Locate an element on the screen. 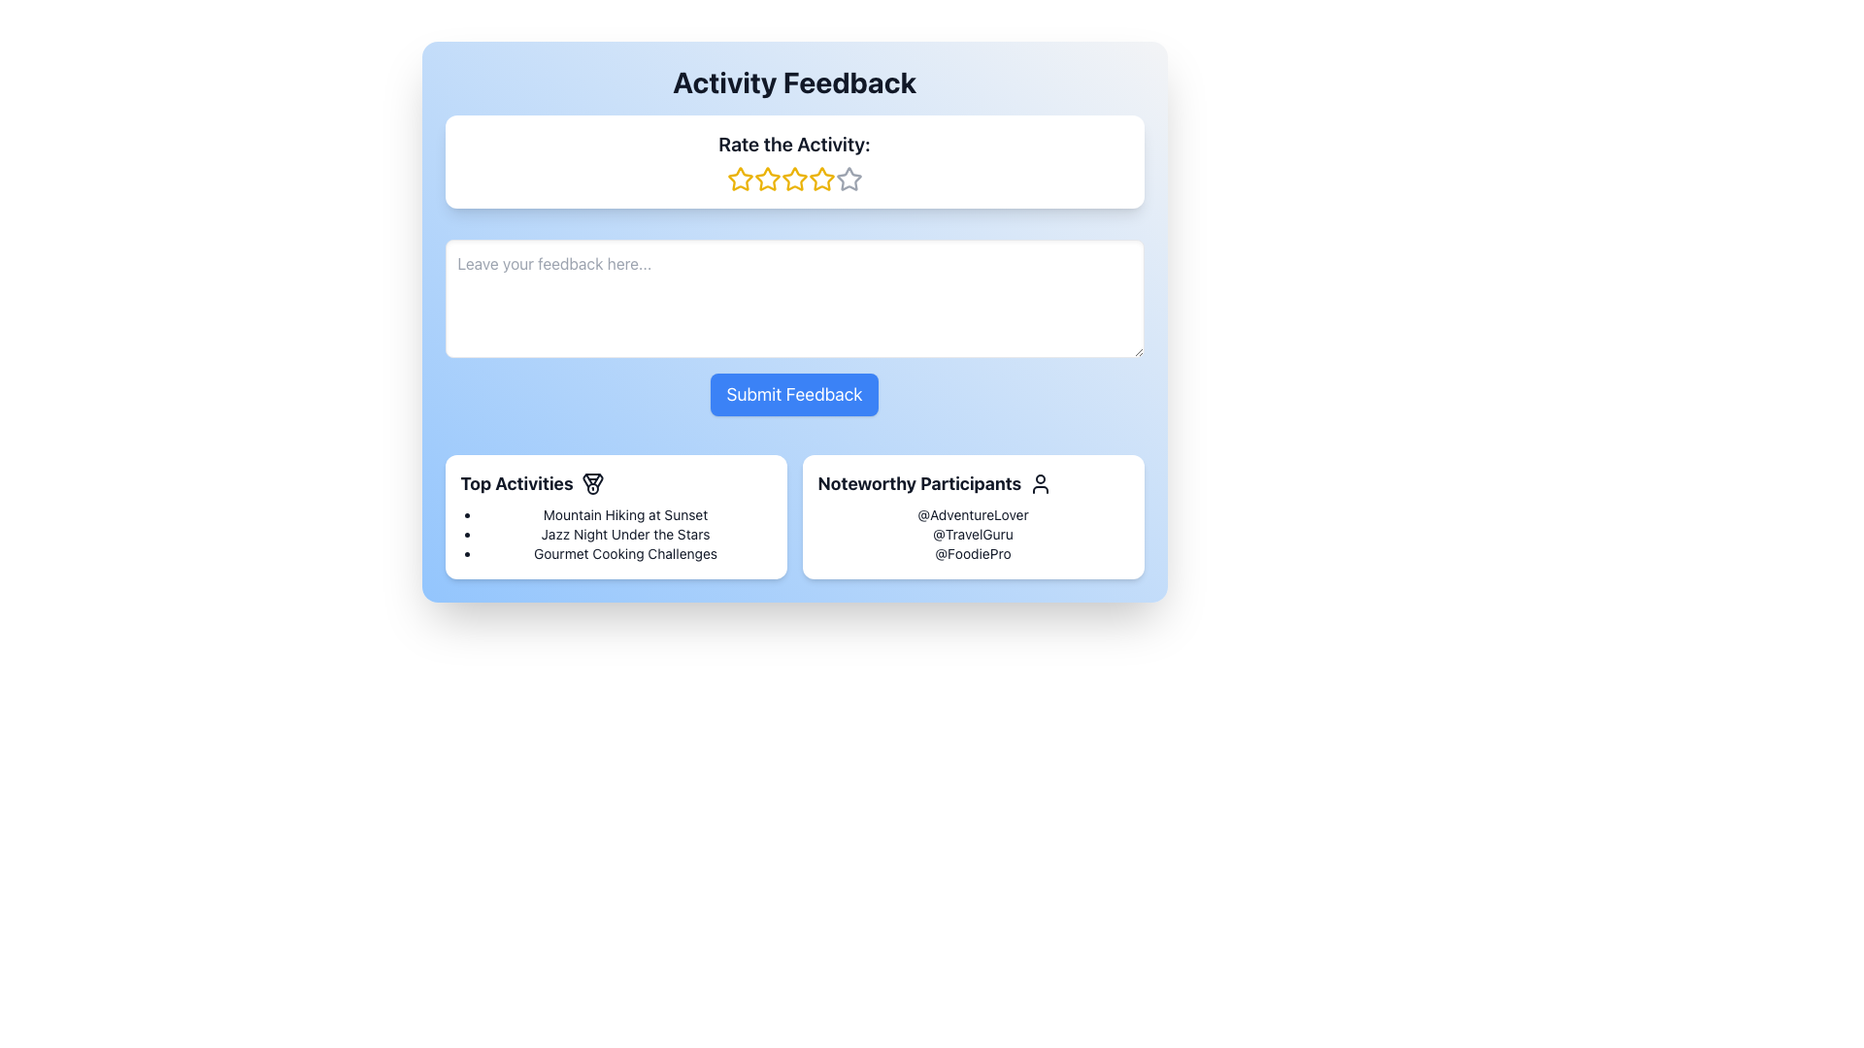 This screenshot has width=1864, height=1048. the center of the second star icon for rating, located under 'Rate the Activity:' is located at coordinates (766, 179).